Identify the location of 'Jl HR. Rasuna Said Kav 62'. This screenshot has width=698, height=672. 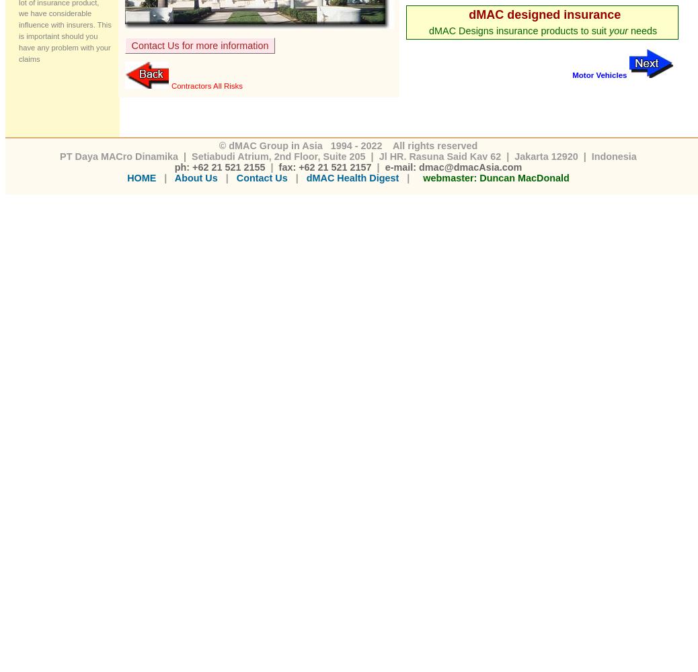
(439, 155).